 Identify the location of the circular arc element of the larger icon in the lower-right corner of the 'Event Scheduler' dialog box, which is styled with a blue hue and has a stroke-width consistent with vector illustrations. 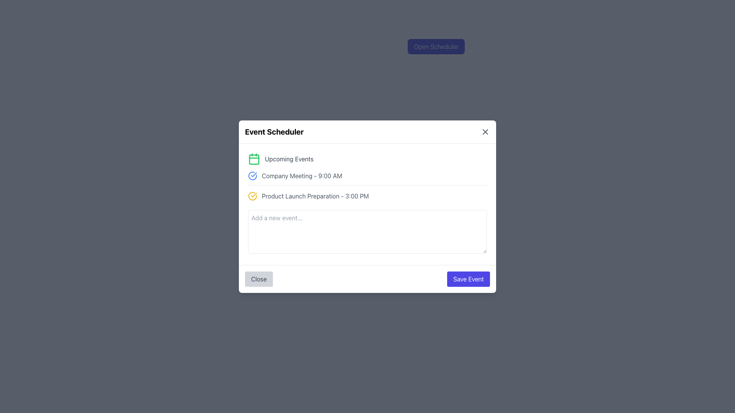
(253, 176).